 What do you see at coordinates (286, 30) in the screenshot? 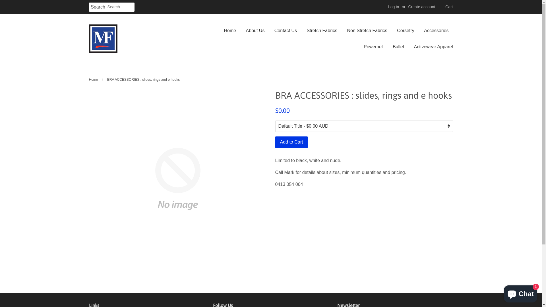
I see `'Contact Us'` at bounding box center [286, 30].